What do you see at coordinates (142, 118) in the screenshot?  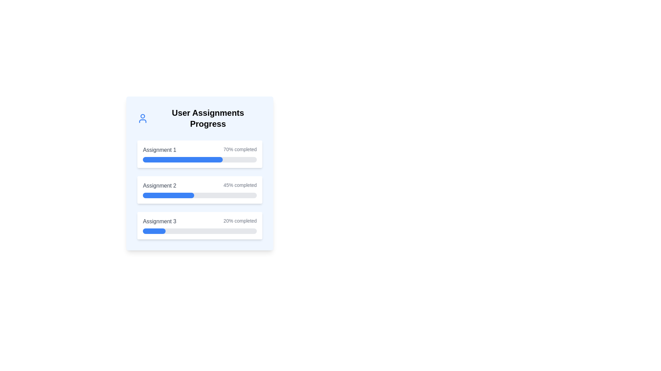 I see `the blue outlined user figure icon that represents an individual or profile, located to the left of the header text 'User Assignments Progress'` at bounding box center [142, 118].